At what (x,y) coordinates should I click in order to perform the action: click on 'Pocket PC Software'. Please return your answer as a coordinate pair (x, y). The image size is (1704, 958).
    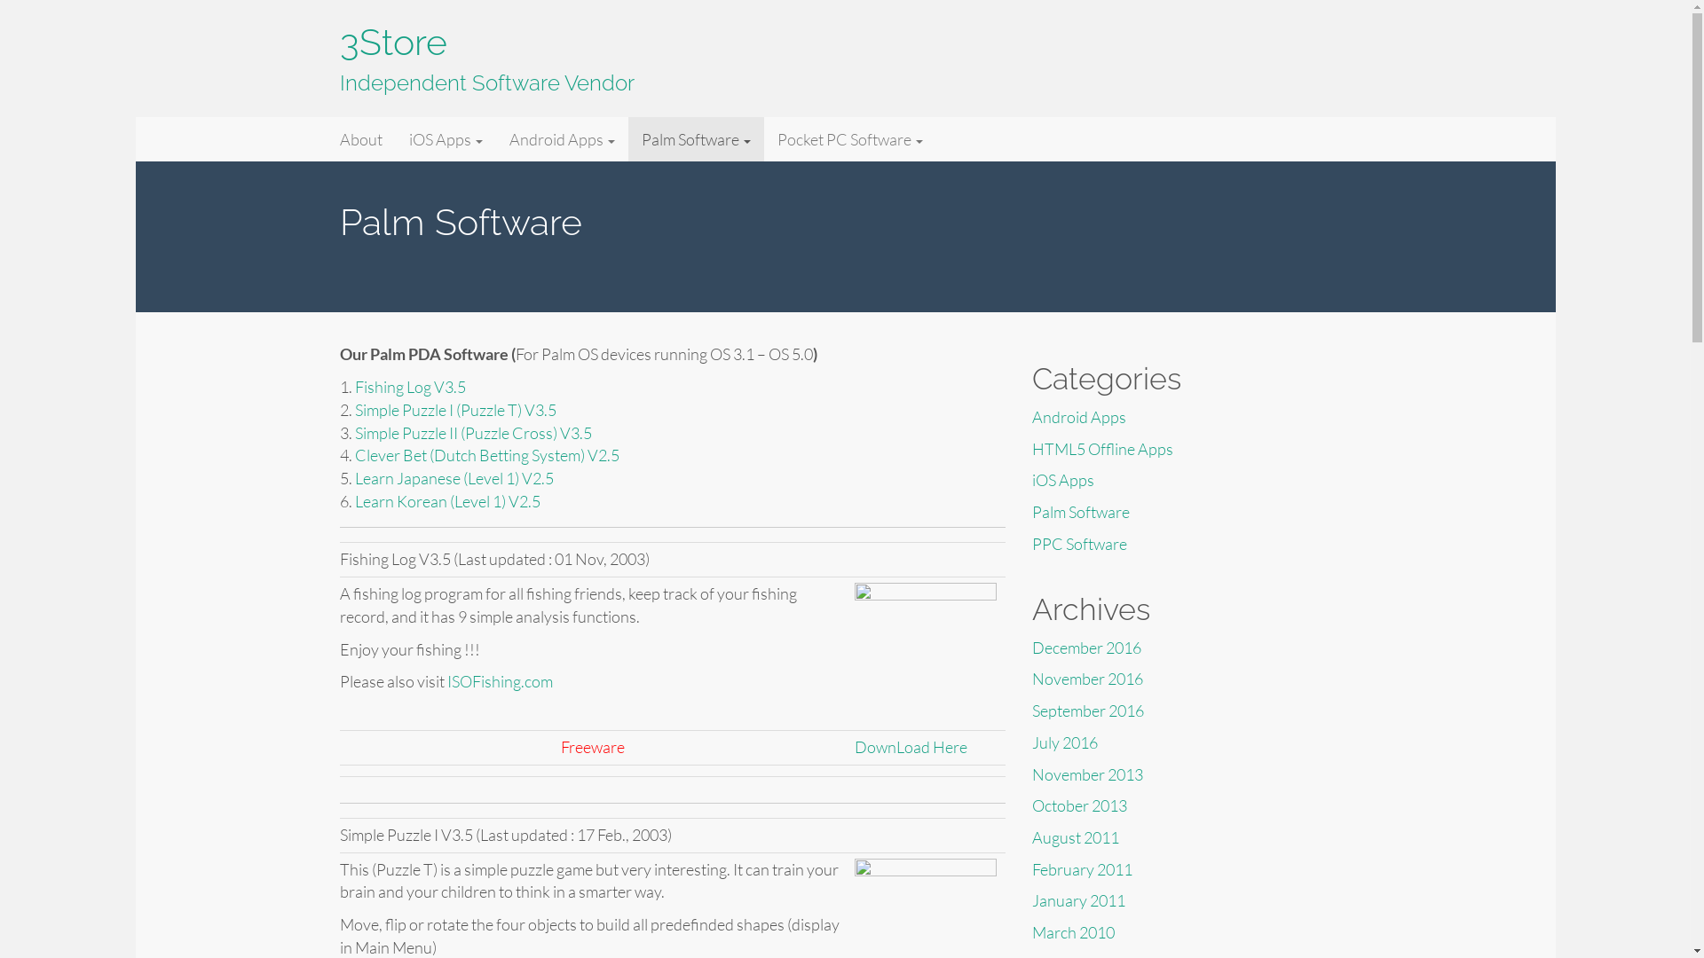
    Looking at the image, I should click on (848, 138).